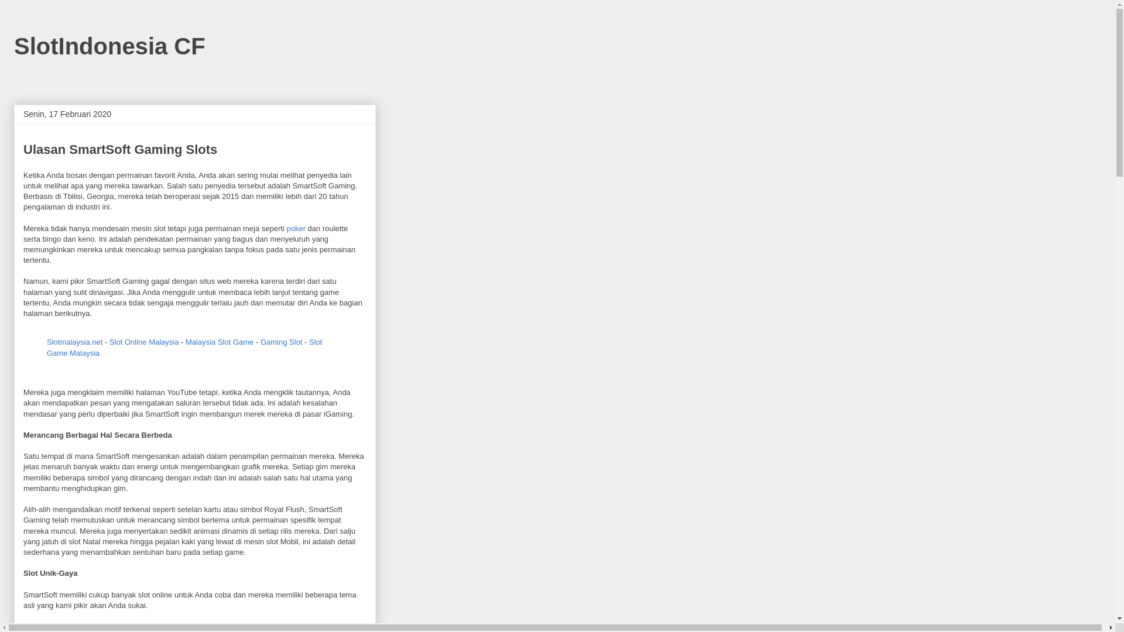 The image size is (1124, 632). What do you see at coordinates (184, 346) in the screenshot?
I see `'Slot Game Malaysia'` at bounding box center [184, 346].